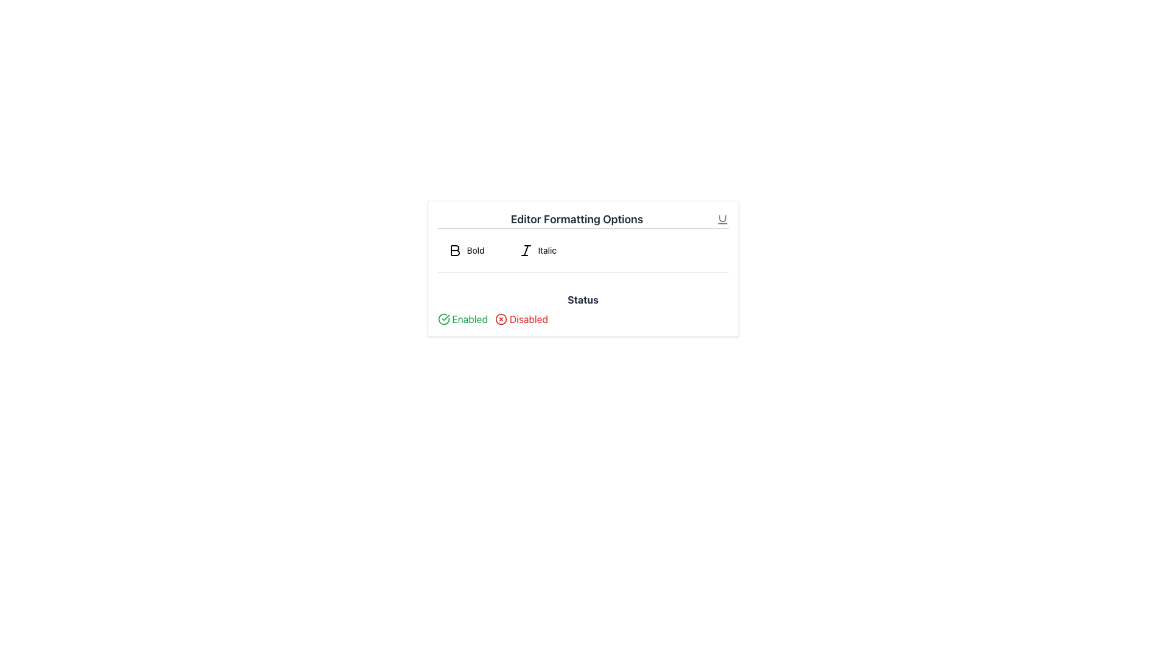 The height and width of the screenshot is (657, 1168). I want to click on the text label that describes the bold formatting option, so click(475, 250).